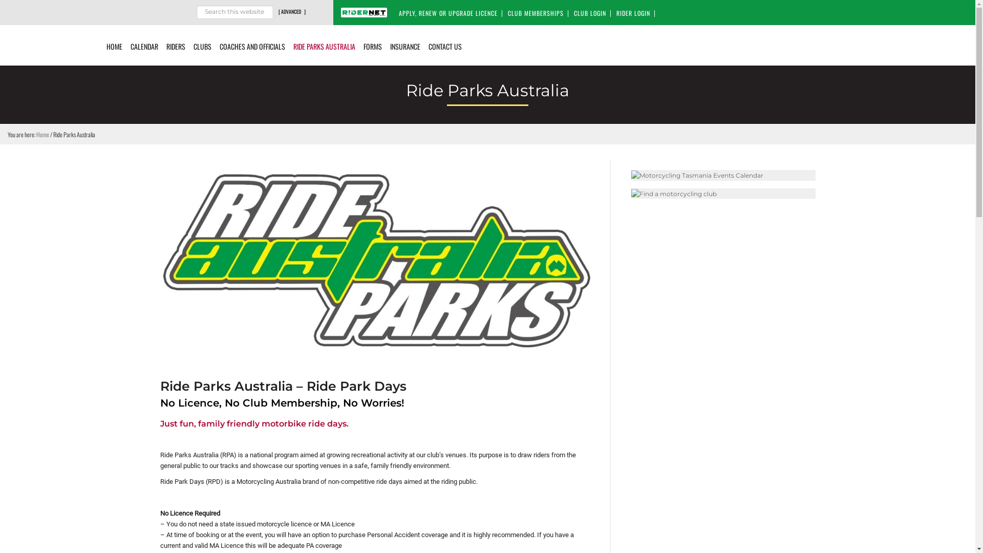 Image resolution: width=983 pixels, height=553 pixels. What do you see at coordinates (114, 45) in the screenshot?
I see `'HOME'` at bounding box center [114, 45].